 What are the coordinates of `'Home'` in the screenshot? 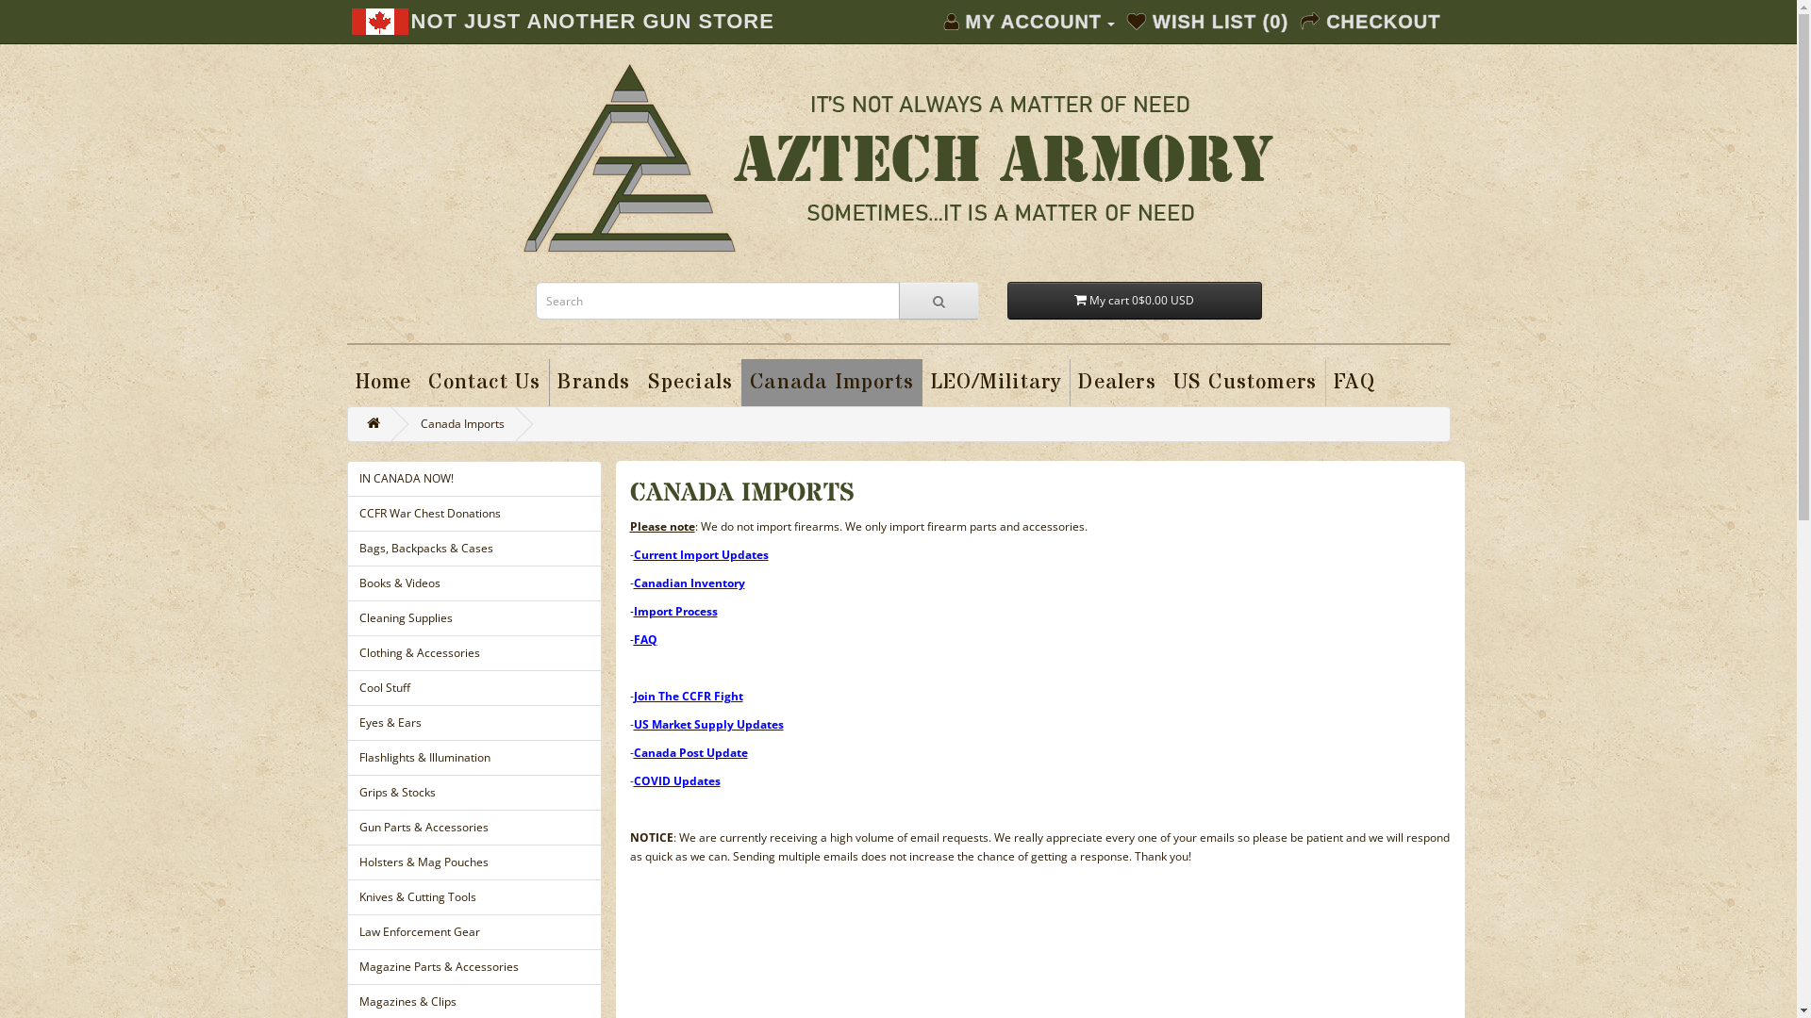 It's located at (383, 382).